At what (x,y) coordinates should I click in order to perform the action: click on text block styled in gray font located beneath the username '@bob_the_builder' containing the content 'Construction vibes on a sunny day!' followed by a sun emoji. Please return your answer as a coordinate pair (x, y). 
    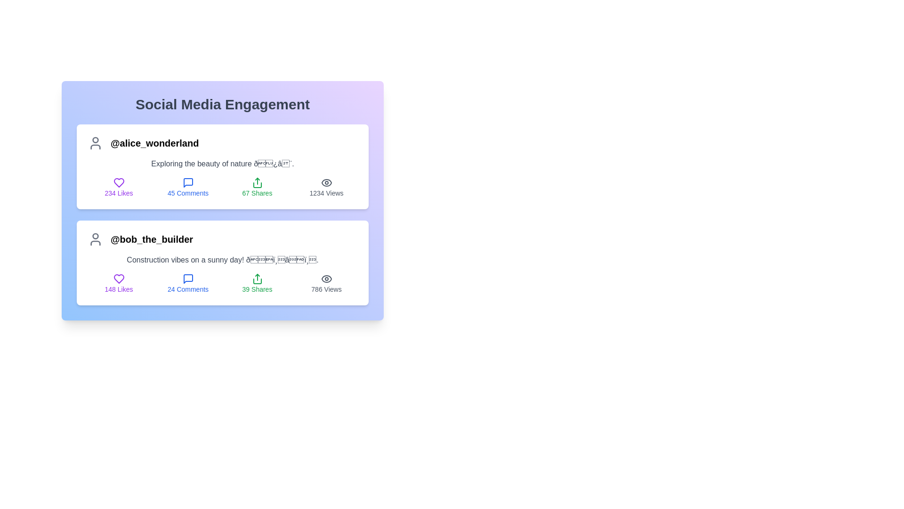
    Looking at the image, I should click on (222, 260).